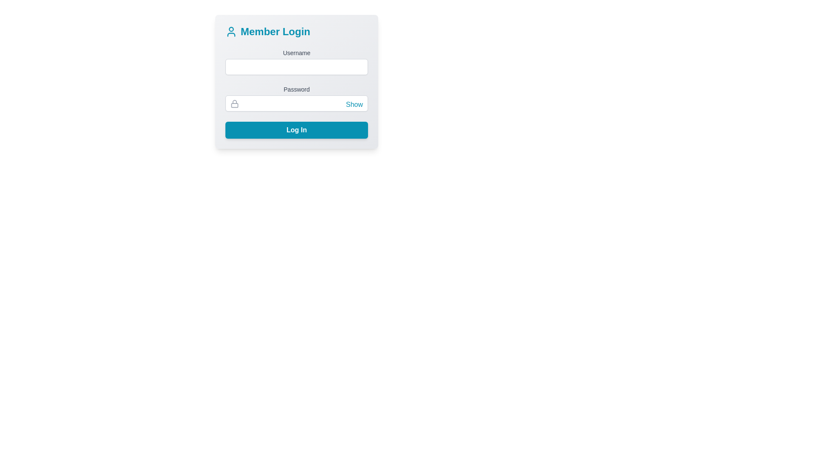  What do you see at coordinates (297, 130) in the screenshot?
I see `the 'Log In' button with white text on a cyan blue background` at bounding box center [297, 130].